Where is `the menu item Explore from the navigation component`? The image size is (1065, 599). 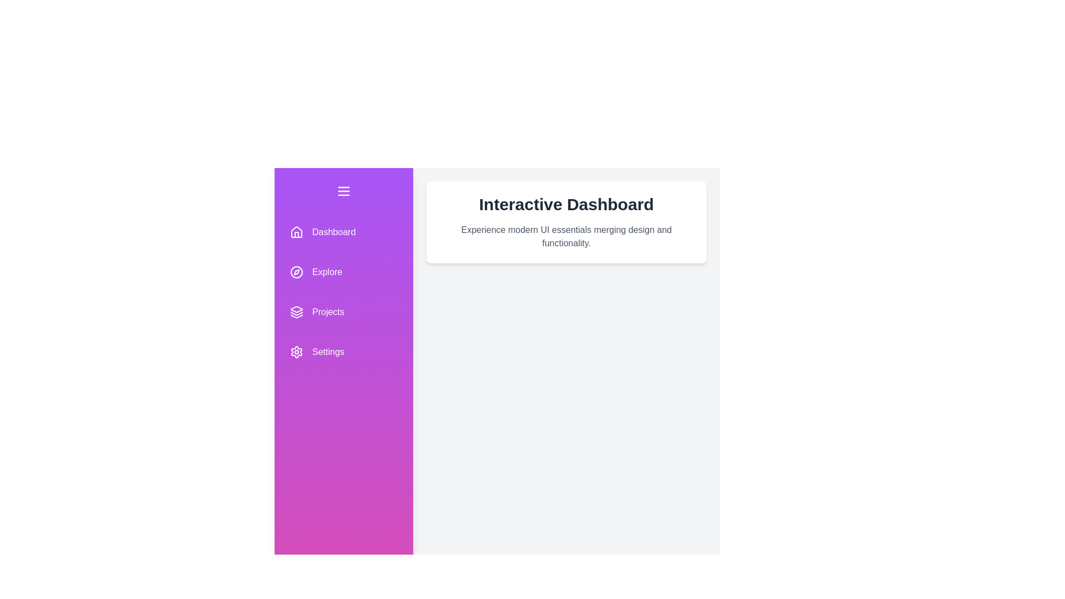 the menu item Explore from the navigation component is located at coordinates (343, 272).